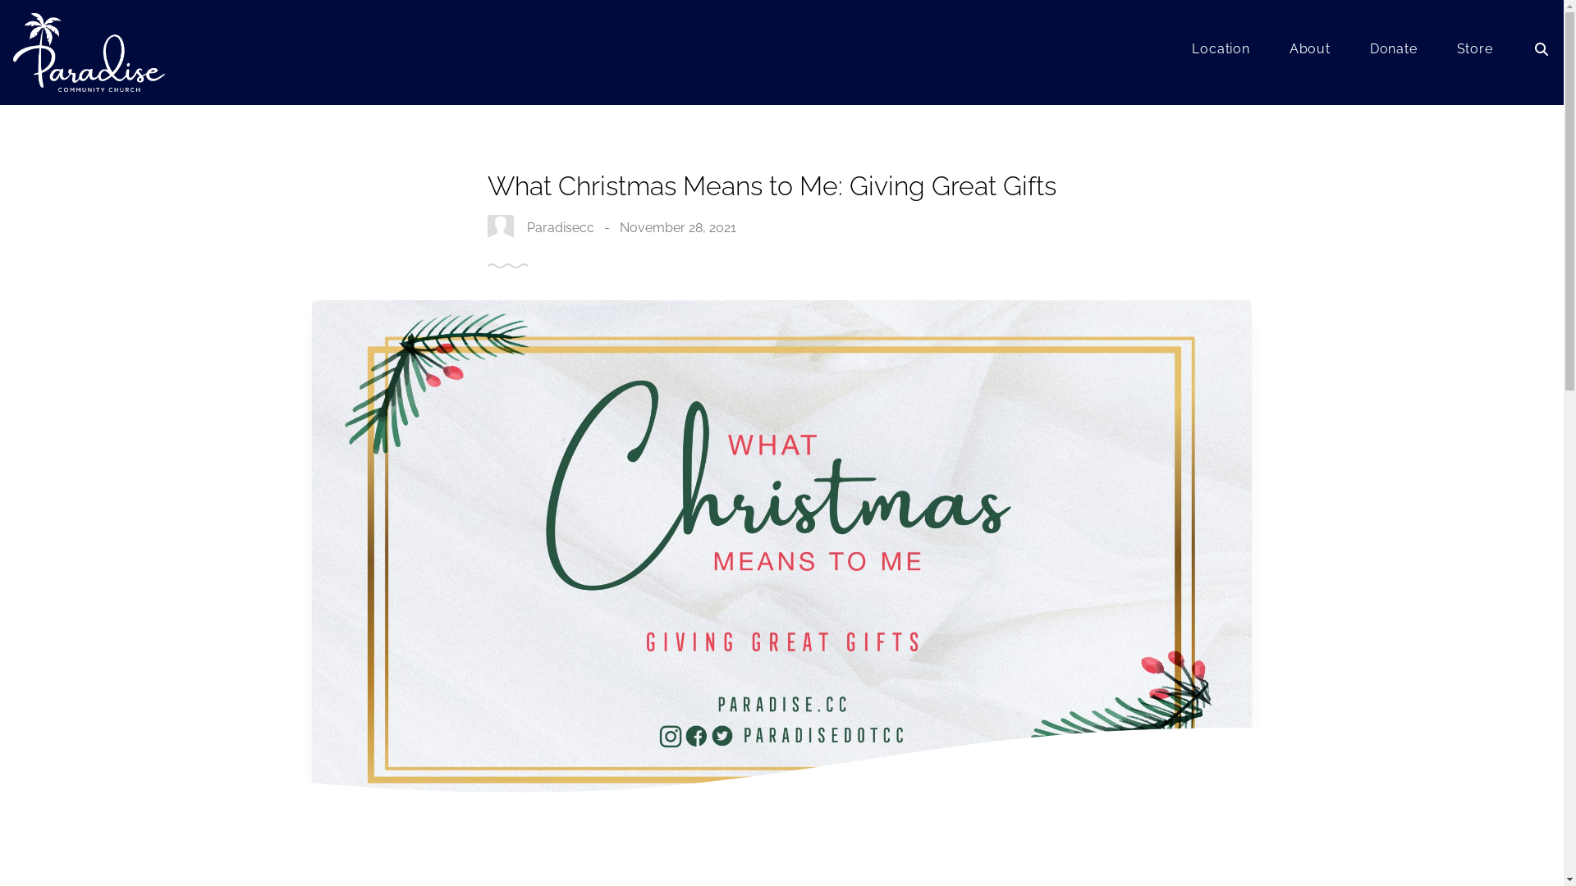  I want to click on 'Store', so click(1474, 52).